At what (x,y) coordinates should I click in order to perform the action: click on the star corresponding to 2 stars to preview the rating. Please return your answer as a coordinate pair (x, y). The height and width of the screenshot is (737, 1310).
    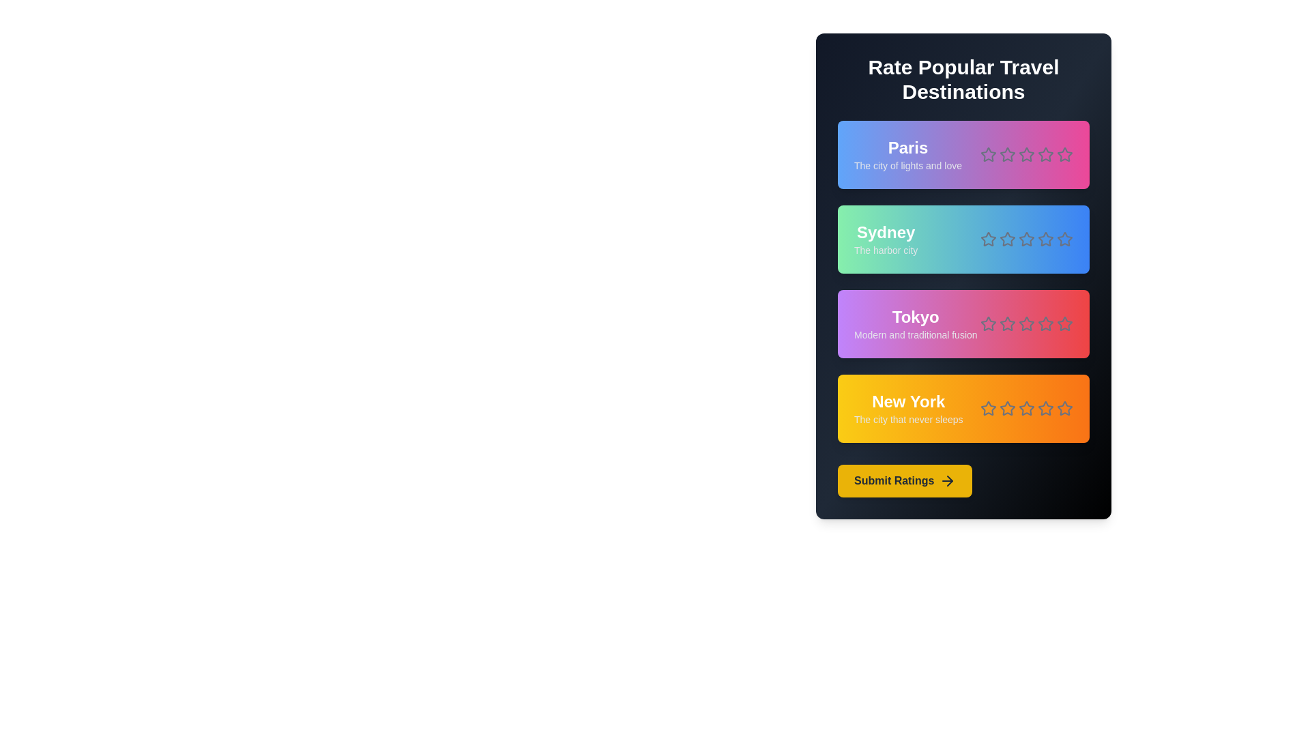
    Looking at the image, I should click on (1008, 154).